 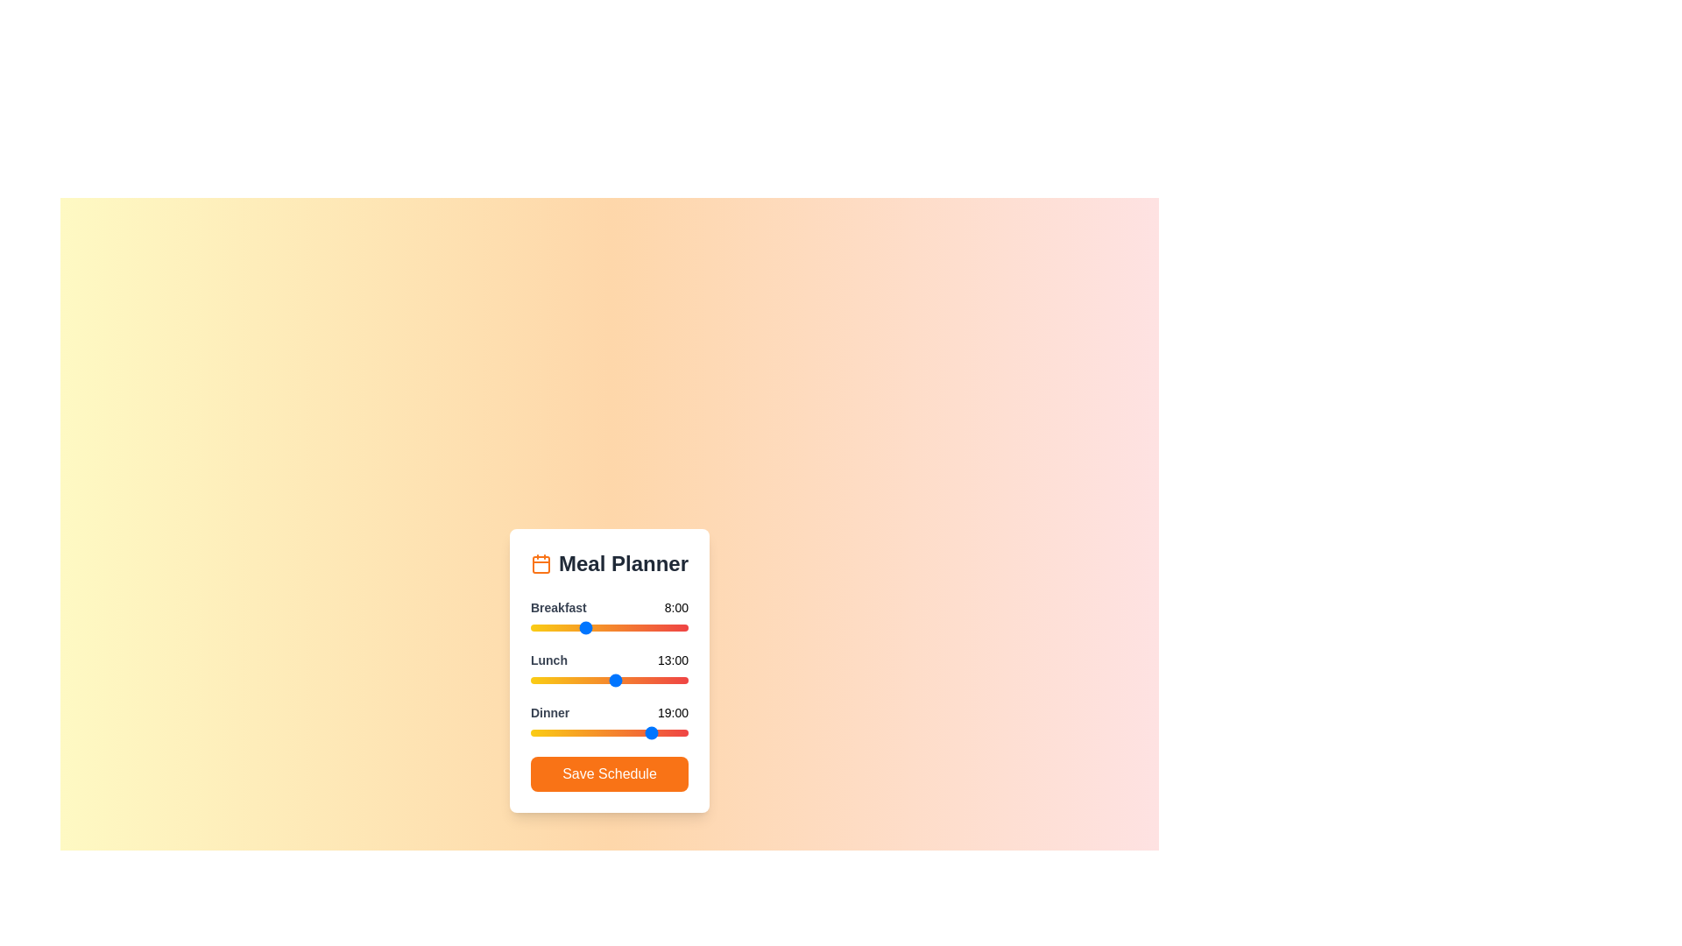 What do you see at coordinates (622, 679) in the screenshot?
I see `the 1 slider to 14` at bounding box center [622, 679].